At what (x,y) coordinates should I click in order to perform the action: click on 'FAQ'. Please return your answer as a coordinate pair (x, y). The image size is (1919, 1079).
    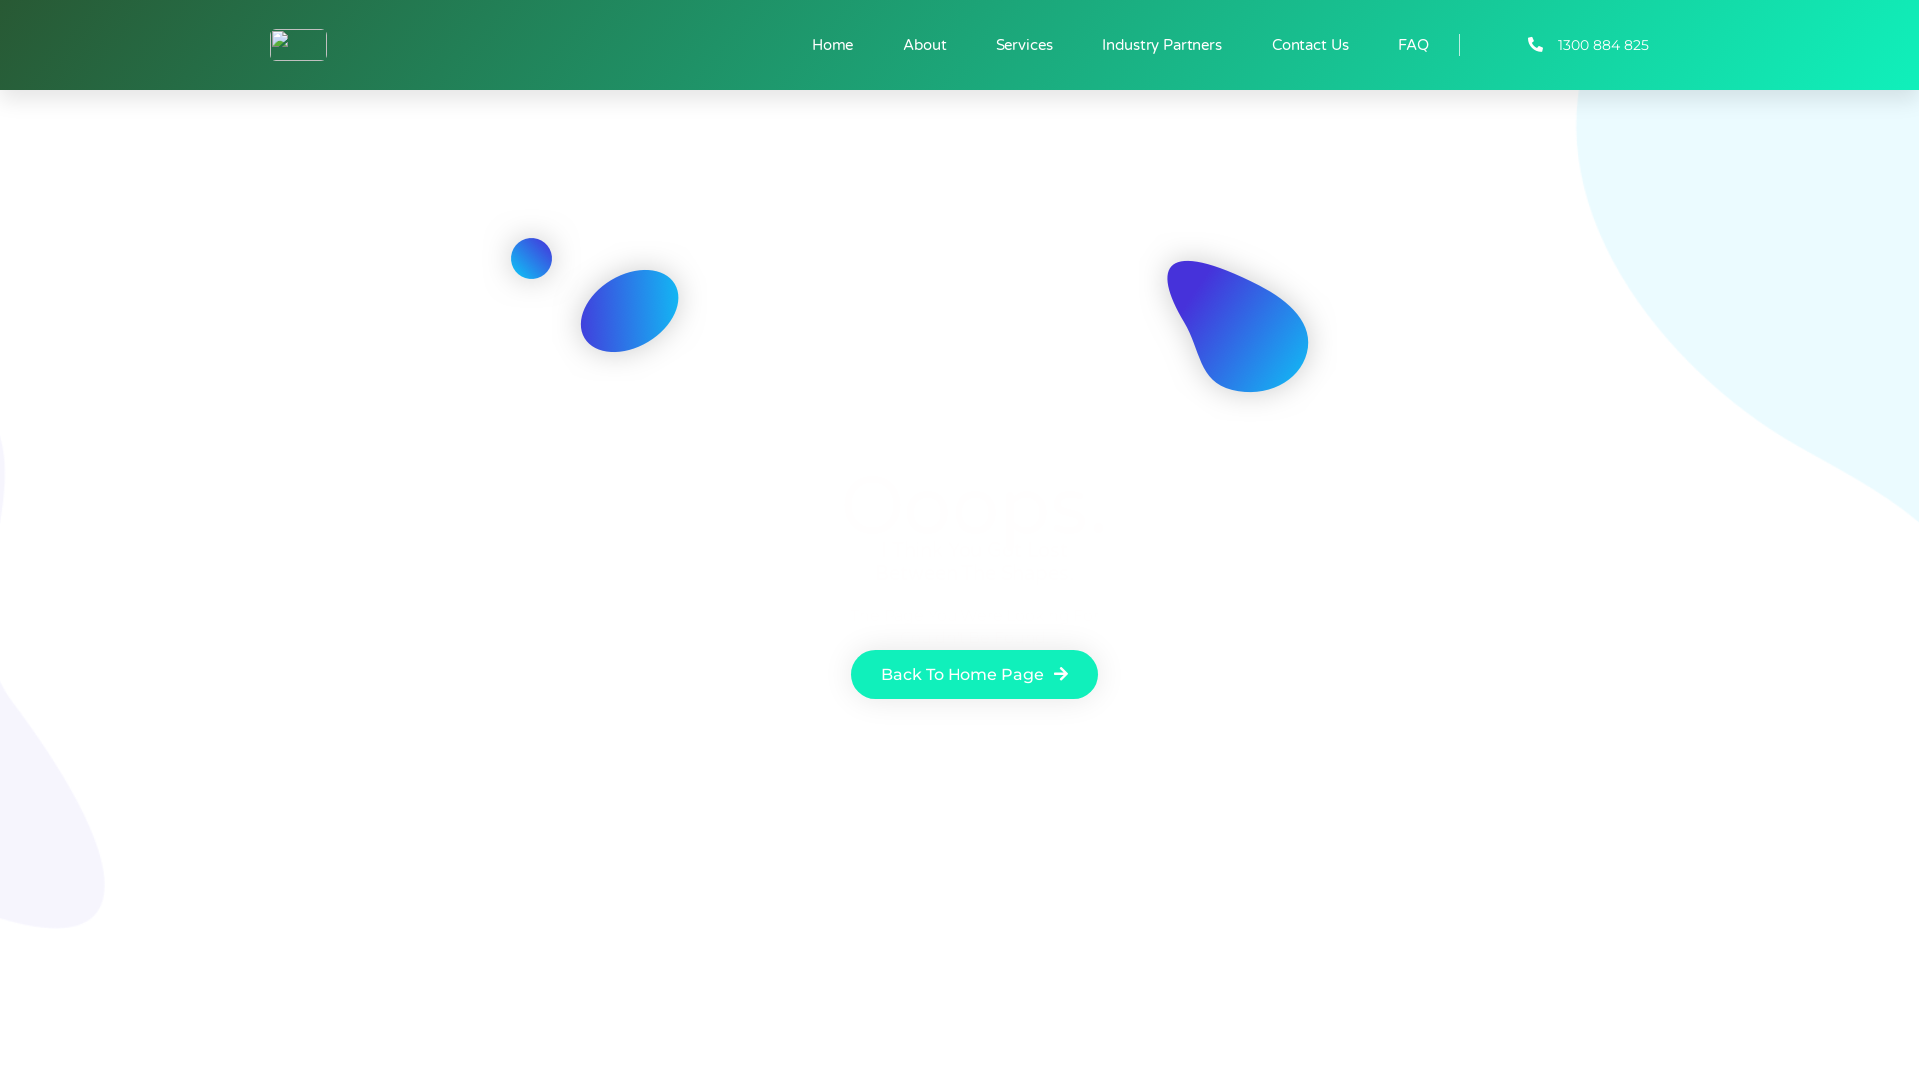
    Looking at the image, I should click on (1396, 45).